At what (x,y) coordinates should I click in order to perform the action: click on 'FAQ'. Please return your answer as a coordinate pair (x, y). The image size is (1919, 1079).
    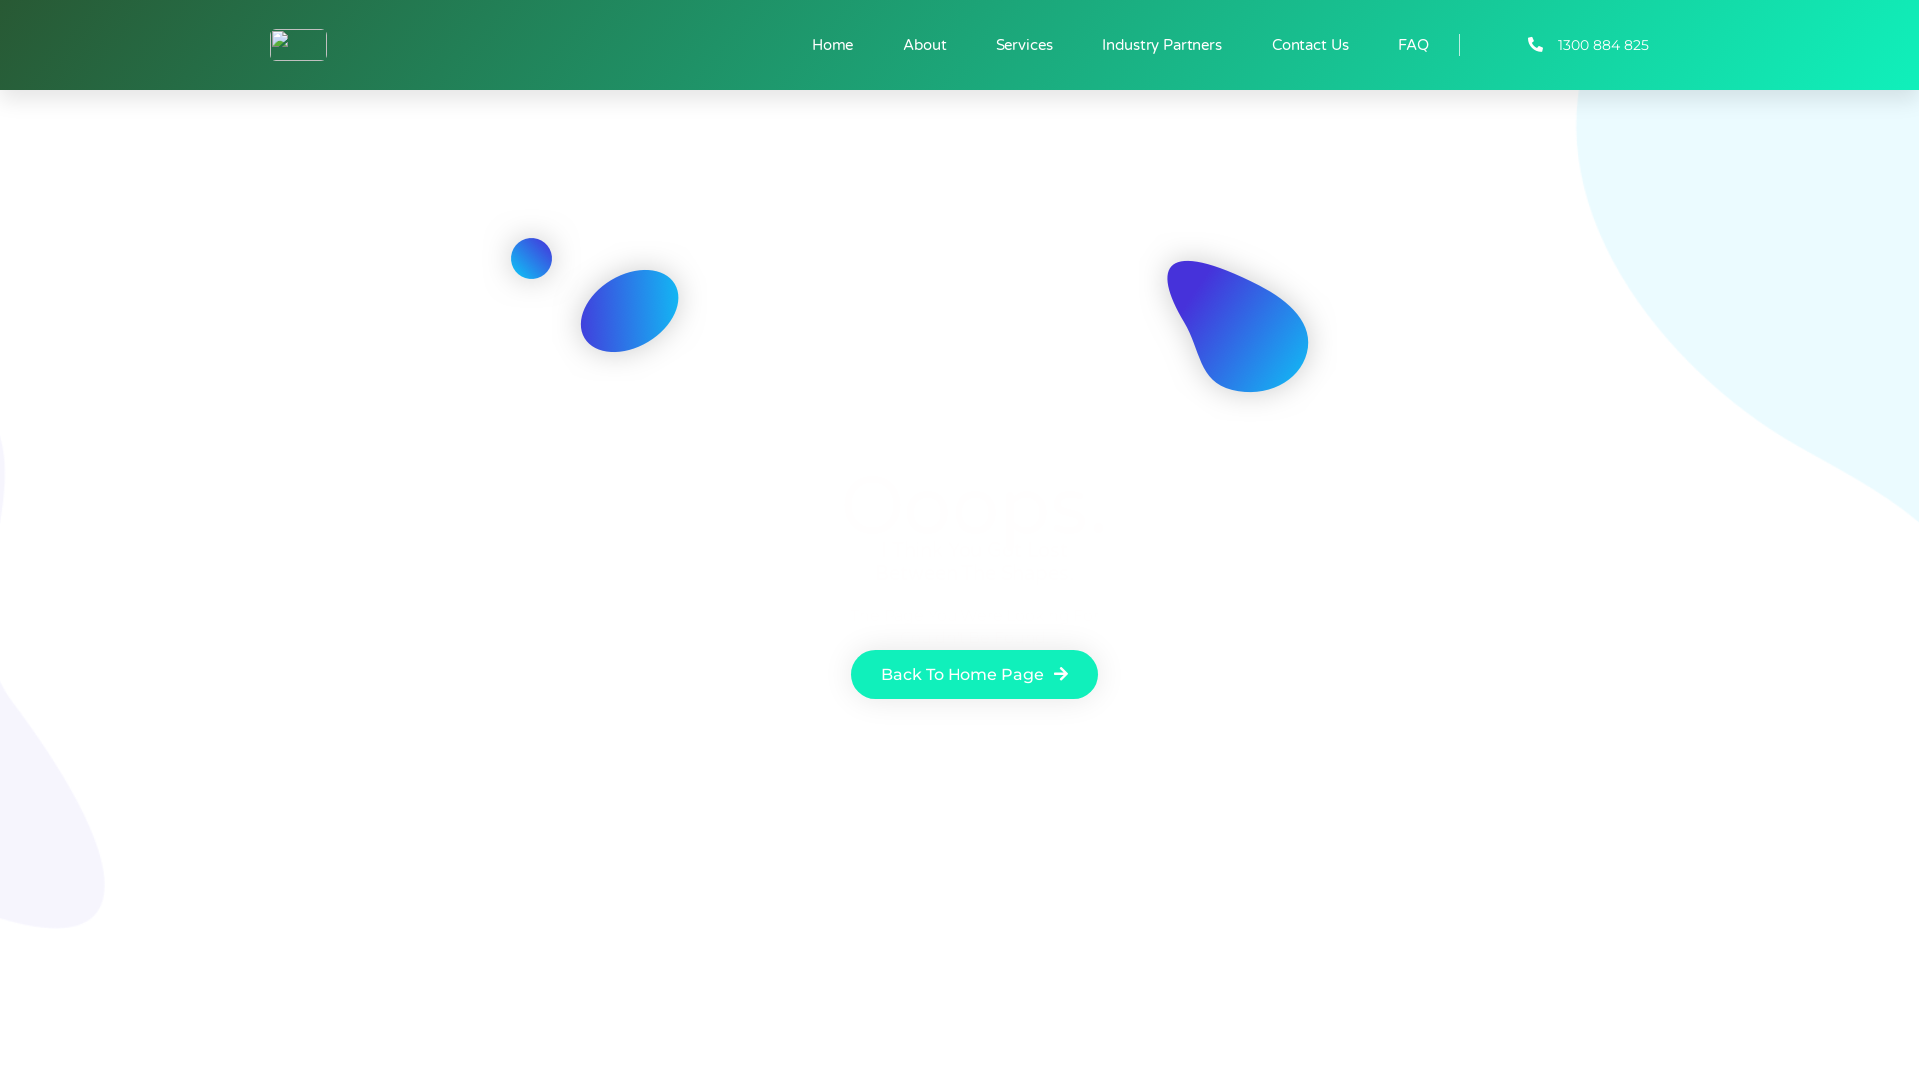
    Looking at the image, I should click on (1396, 45).